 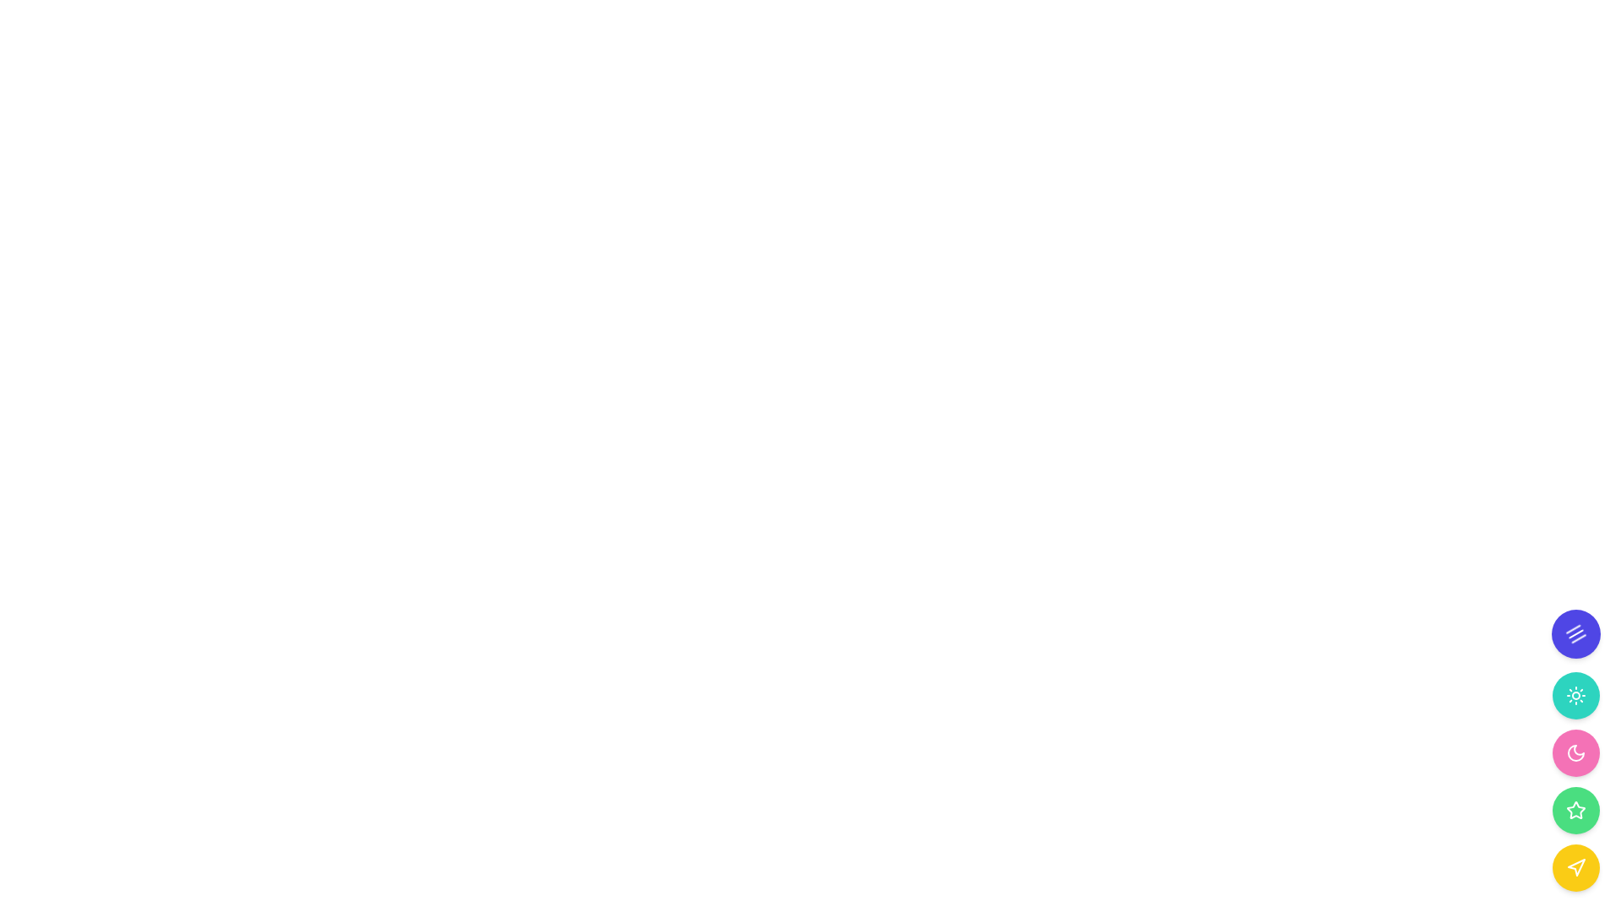 What do you see at coordinates (1577, 638) in the screenshot?
I see `the middle line of the menu icon located at the top-right corner of the interface, which is part of a circular button used for toggling the sidebar or menu panel` at bounding box center [1577, 638].